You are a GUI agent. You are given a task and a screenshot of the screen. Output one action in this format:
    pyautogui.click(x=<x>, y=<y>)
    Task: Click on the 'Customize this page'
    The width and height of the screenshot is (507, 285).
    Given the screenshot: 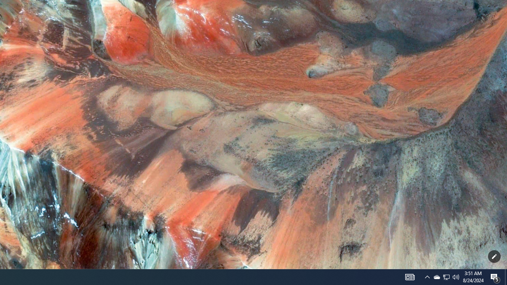 What is the action you would take?
    pyautogui.click(x=494, y=256)
    